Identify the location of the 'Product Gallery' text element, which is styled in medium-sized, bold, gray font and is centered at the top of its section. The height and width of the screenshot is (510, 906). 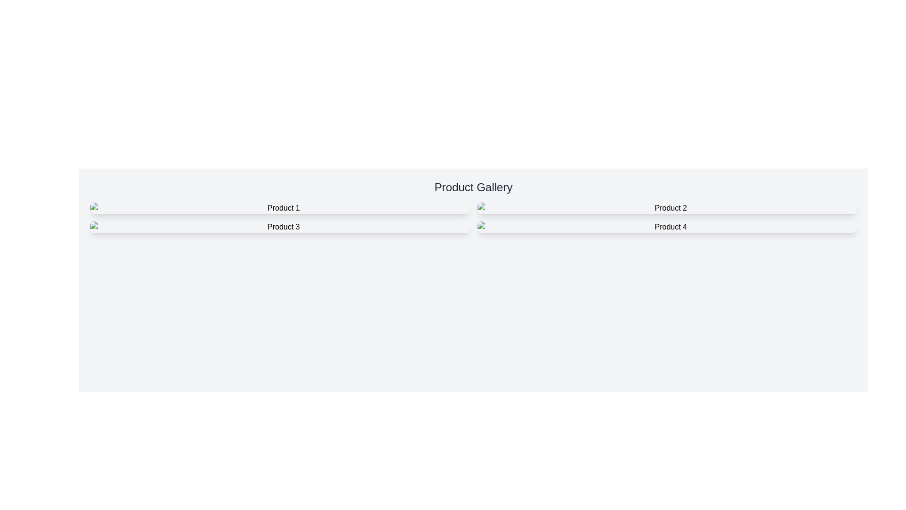
(473, 187).